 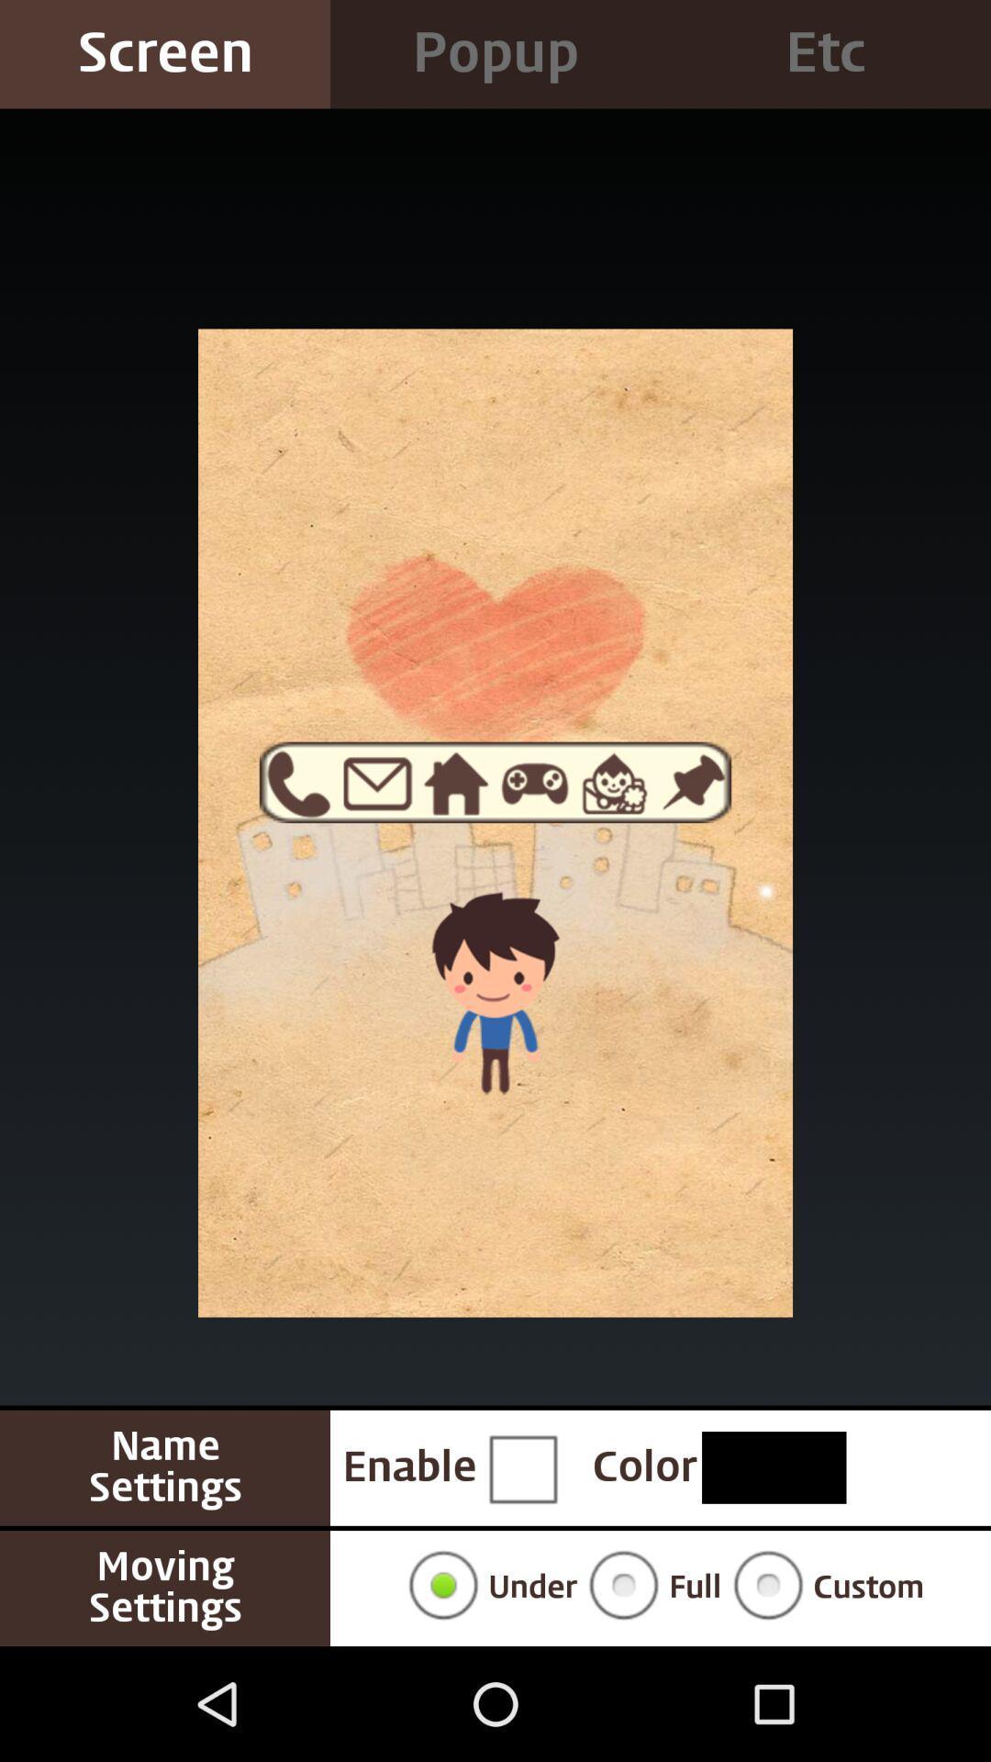 What do you see at coordinates (522, 1466) in the screenshot?
I see `to enable name` at bounding box center [522, 1466].